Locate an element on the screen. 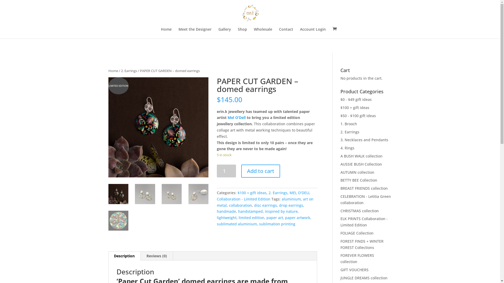  'Description' is located at coordinates (124, 255).